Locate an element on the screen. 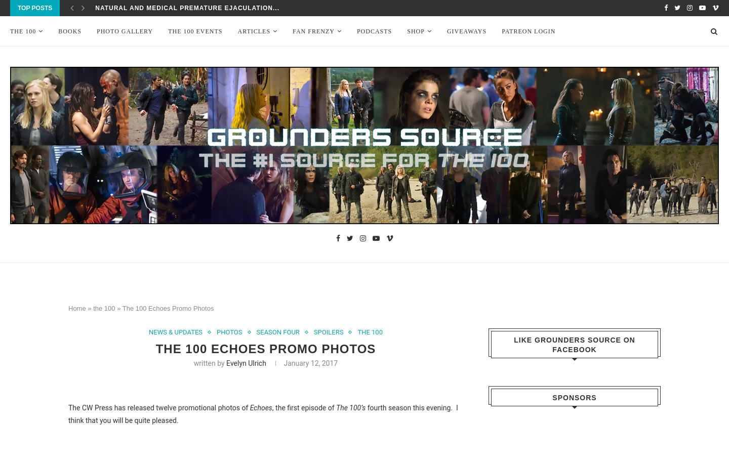 The image size is (729, 465). 'Patreon Login' is located at coordinates (529, 31).